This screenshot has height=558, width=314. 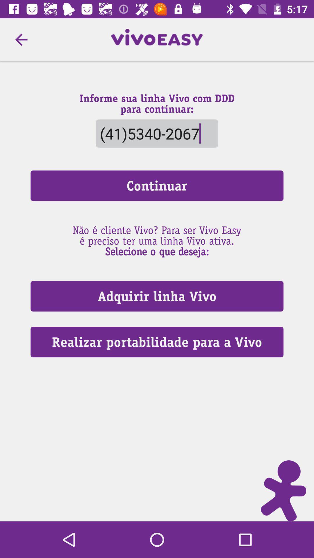 I want to click on item above continuar, so click(x=157, y=133).